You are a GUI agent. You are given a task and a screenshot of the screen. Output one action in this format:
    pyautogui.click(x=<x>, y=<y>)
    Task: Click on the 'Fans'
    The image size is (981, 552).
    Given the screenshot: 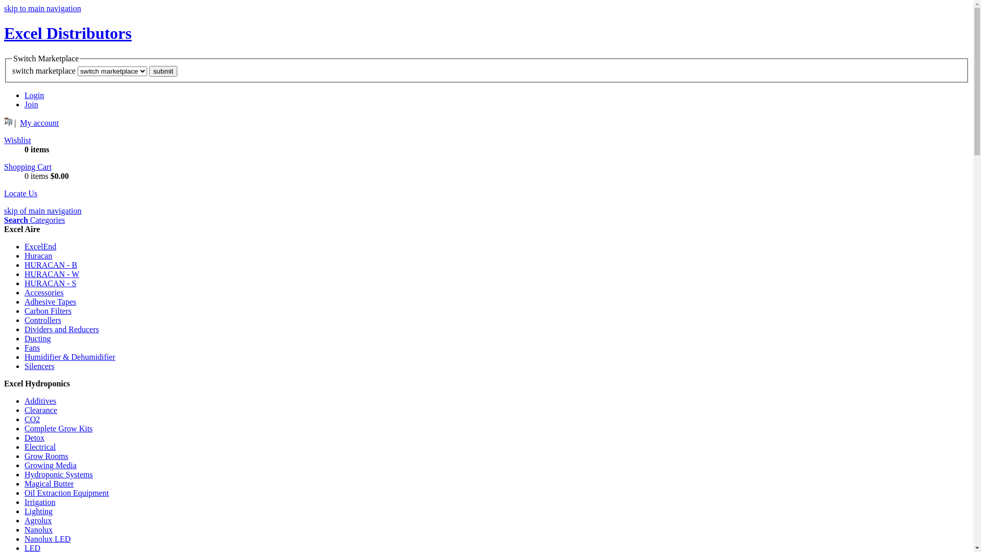 What is the action you would take?
    pyautogui.click(x=32, y=347)
    